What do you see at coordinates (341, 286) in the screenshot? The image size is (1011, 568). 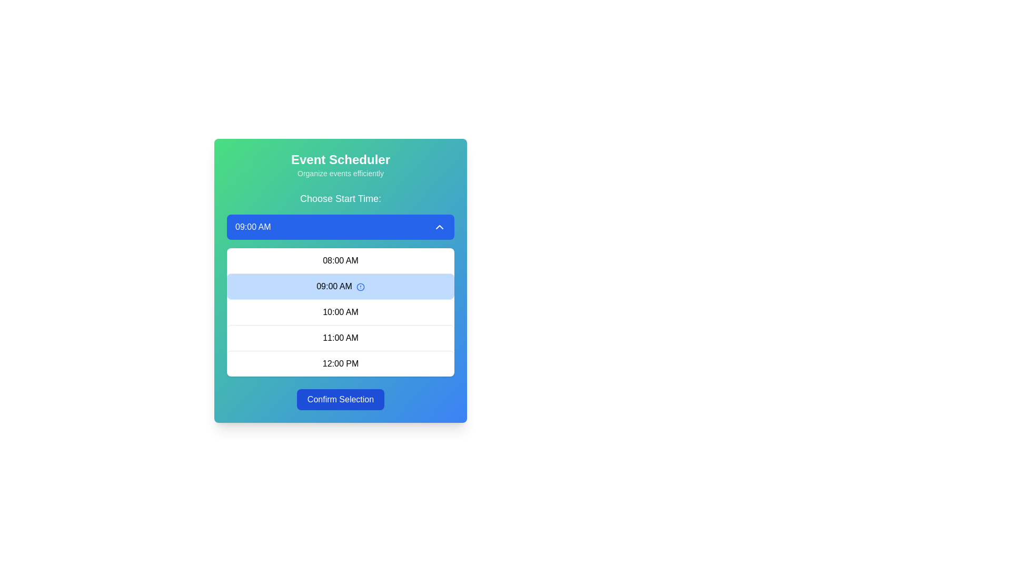 I see `the rectangular button displaying '09:00 AM' with a light blue background` at bounding box center [341, 286].